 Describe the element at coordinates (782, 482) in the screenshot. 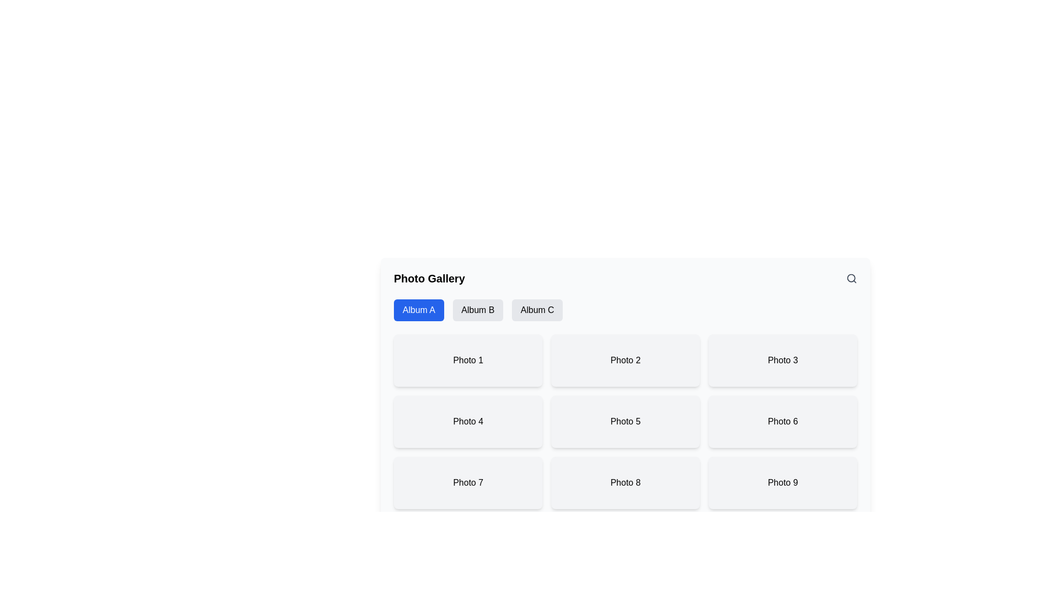

I see `the interactive placeholder for 'Photo 9', located in the third column and third row of the grid` at that location.